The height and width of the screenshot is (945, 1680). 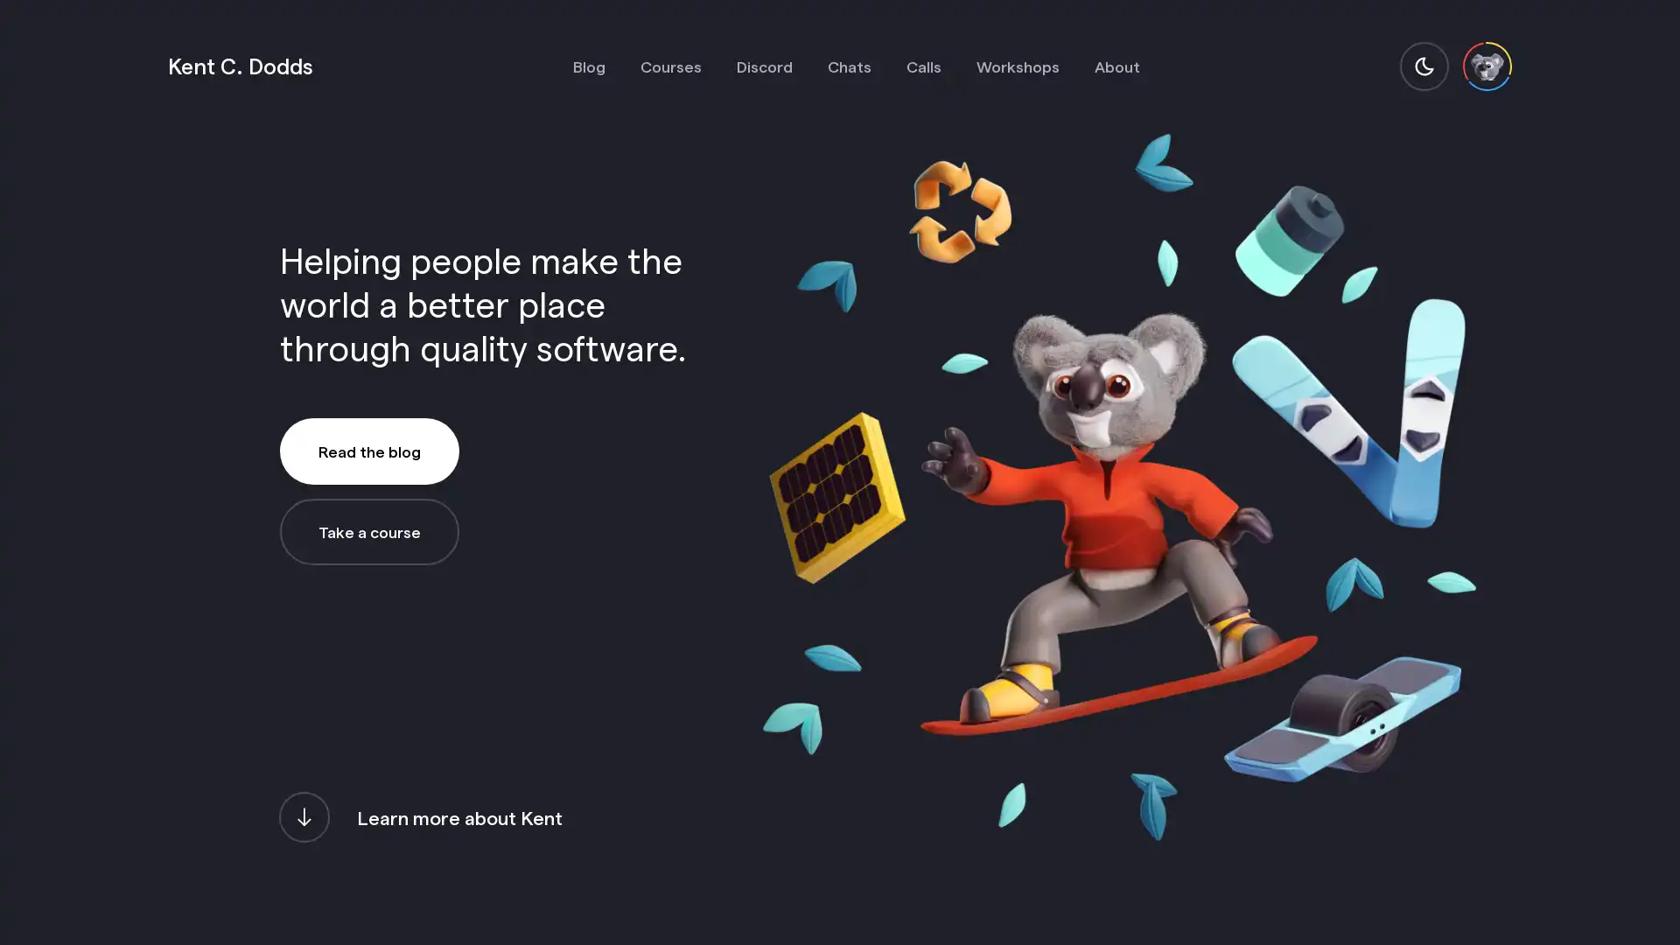 I want to click on switch to light mode, so click(x=1424, y=66).